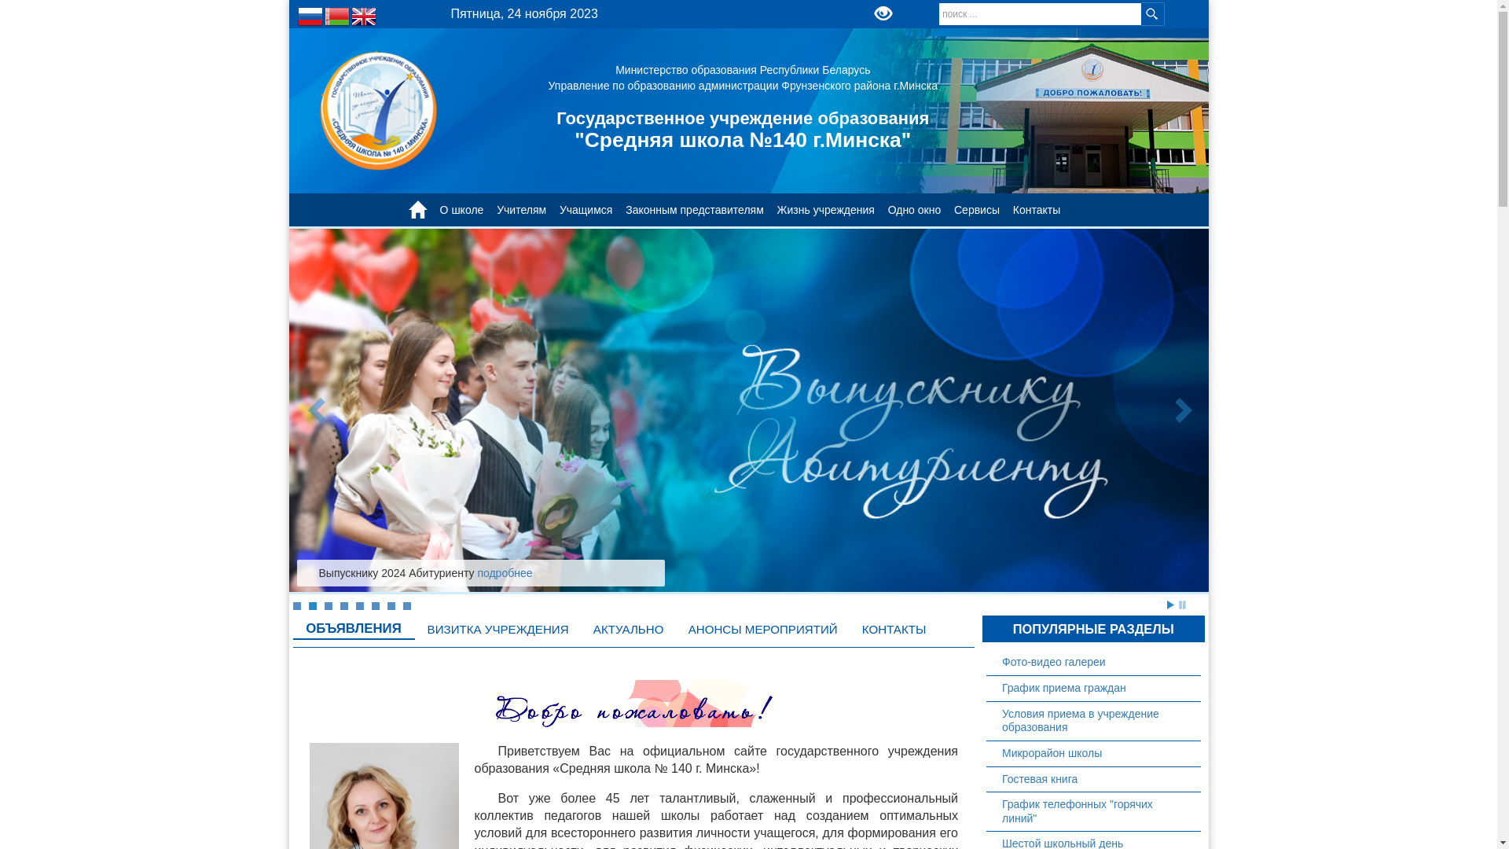 Image resolution: width=1509 pixels, height=849 pixels. Describe the element at coordinates (373, 605) in the screenshot. I see `'6'` at that location.